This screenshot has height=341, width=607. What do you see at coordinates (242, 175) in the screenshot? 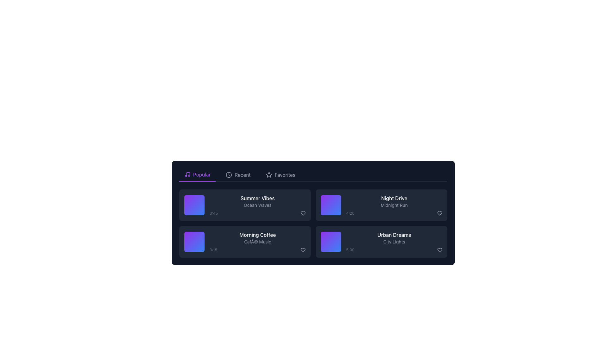
I see `text of the label component displaying 'Recent,' which is part of the navigation menu and located centrally between 'Popular' and 'Favorites.'` at bounding box center [242, 175].